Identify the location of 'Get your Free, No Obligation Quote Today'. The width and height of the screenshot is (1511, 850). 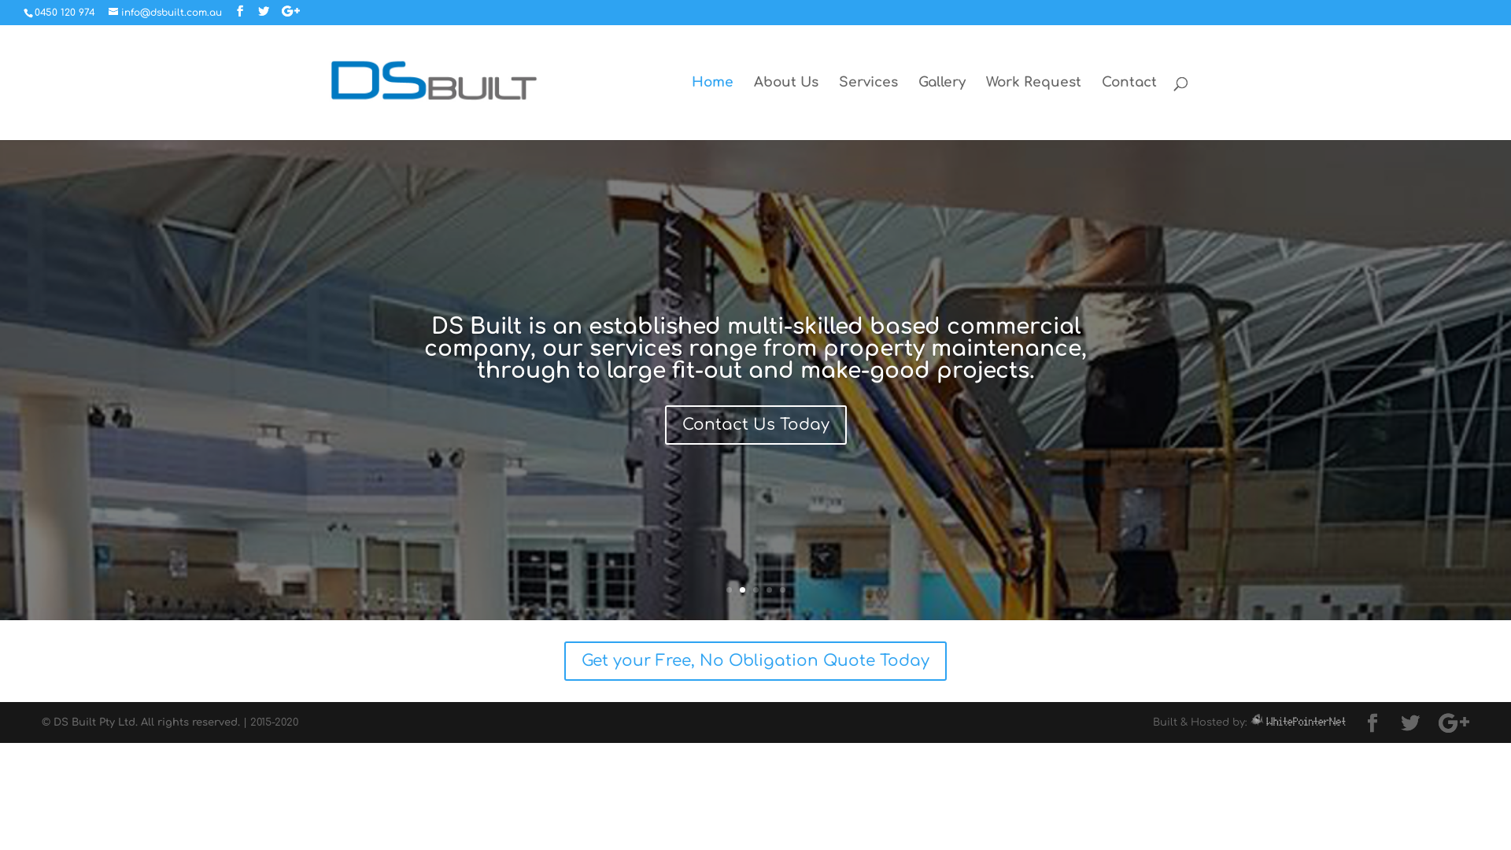
(755, 661).